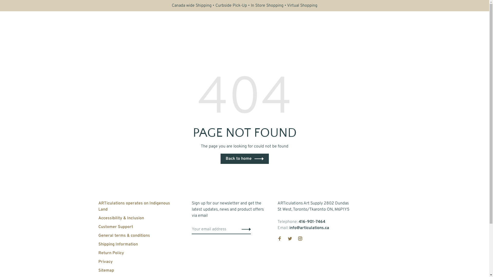 This screenshot has width=493, height=277. What do you see at coordinates (277, 221) in the screenshot?
I see `'Telephone: 416-901-7464'` at bounding box center [277, 221].